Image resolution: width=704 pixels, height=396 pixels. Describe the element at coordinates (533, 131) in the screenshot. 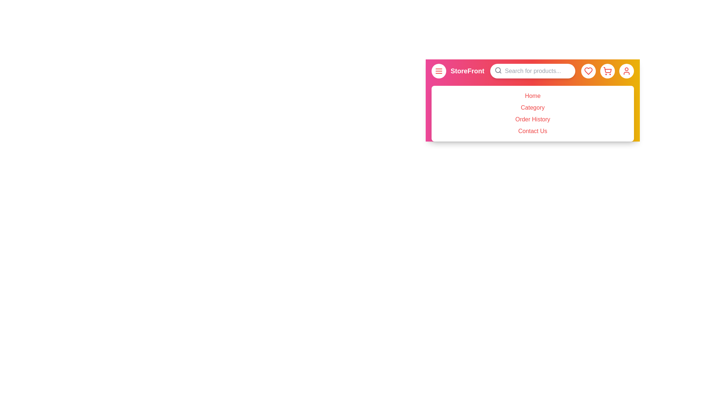

I see `the menu item Contact Us from the side menu` at that location.